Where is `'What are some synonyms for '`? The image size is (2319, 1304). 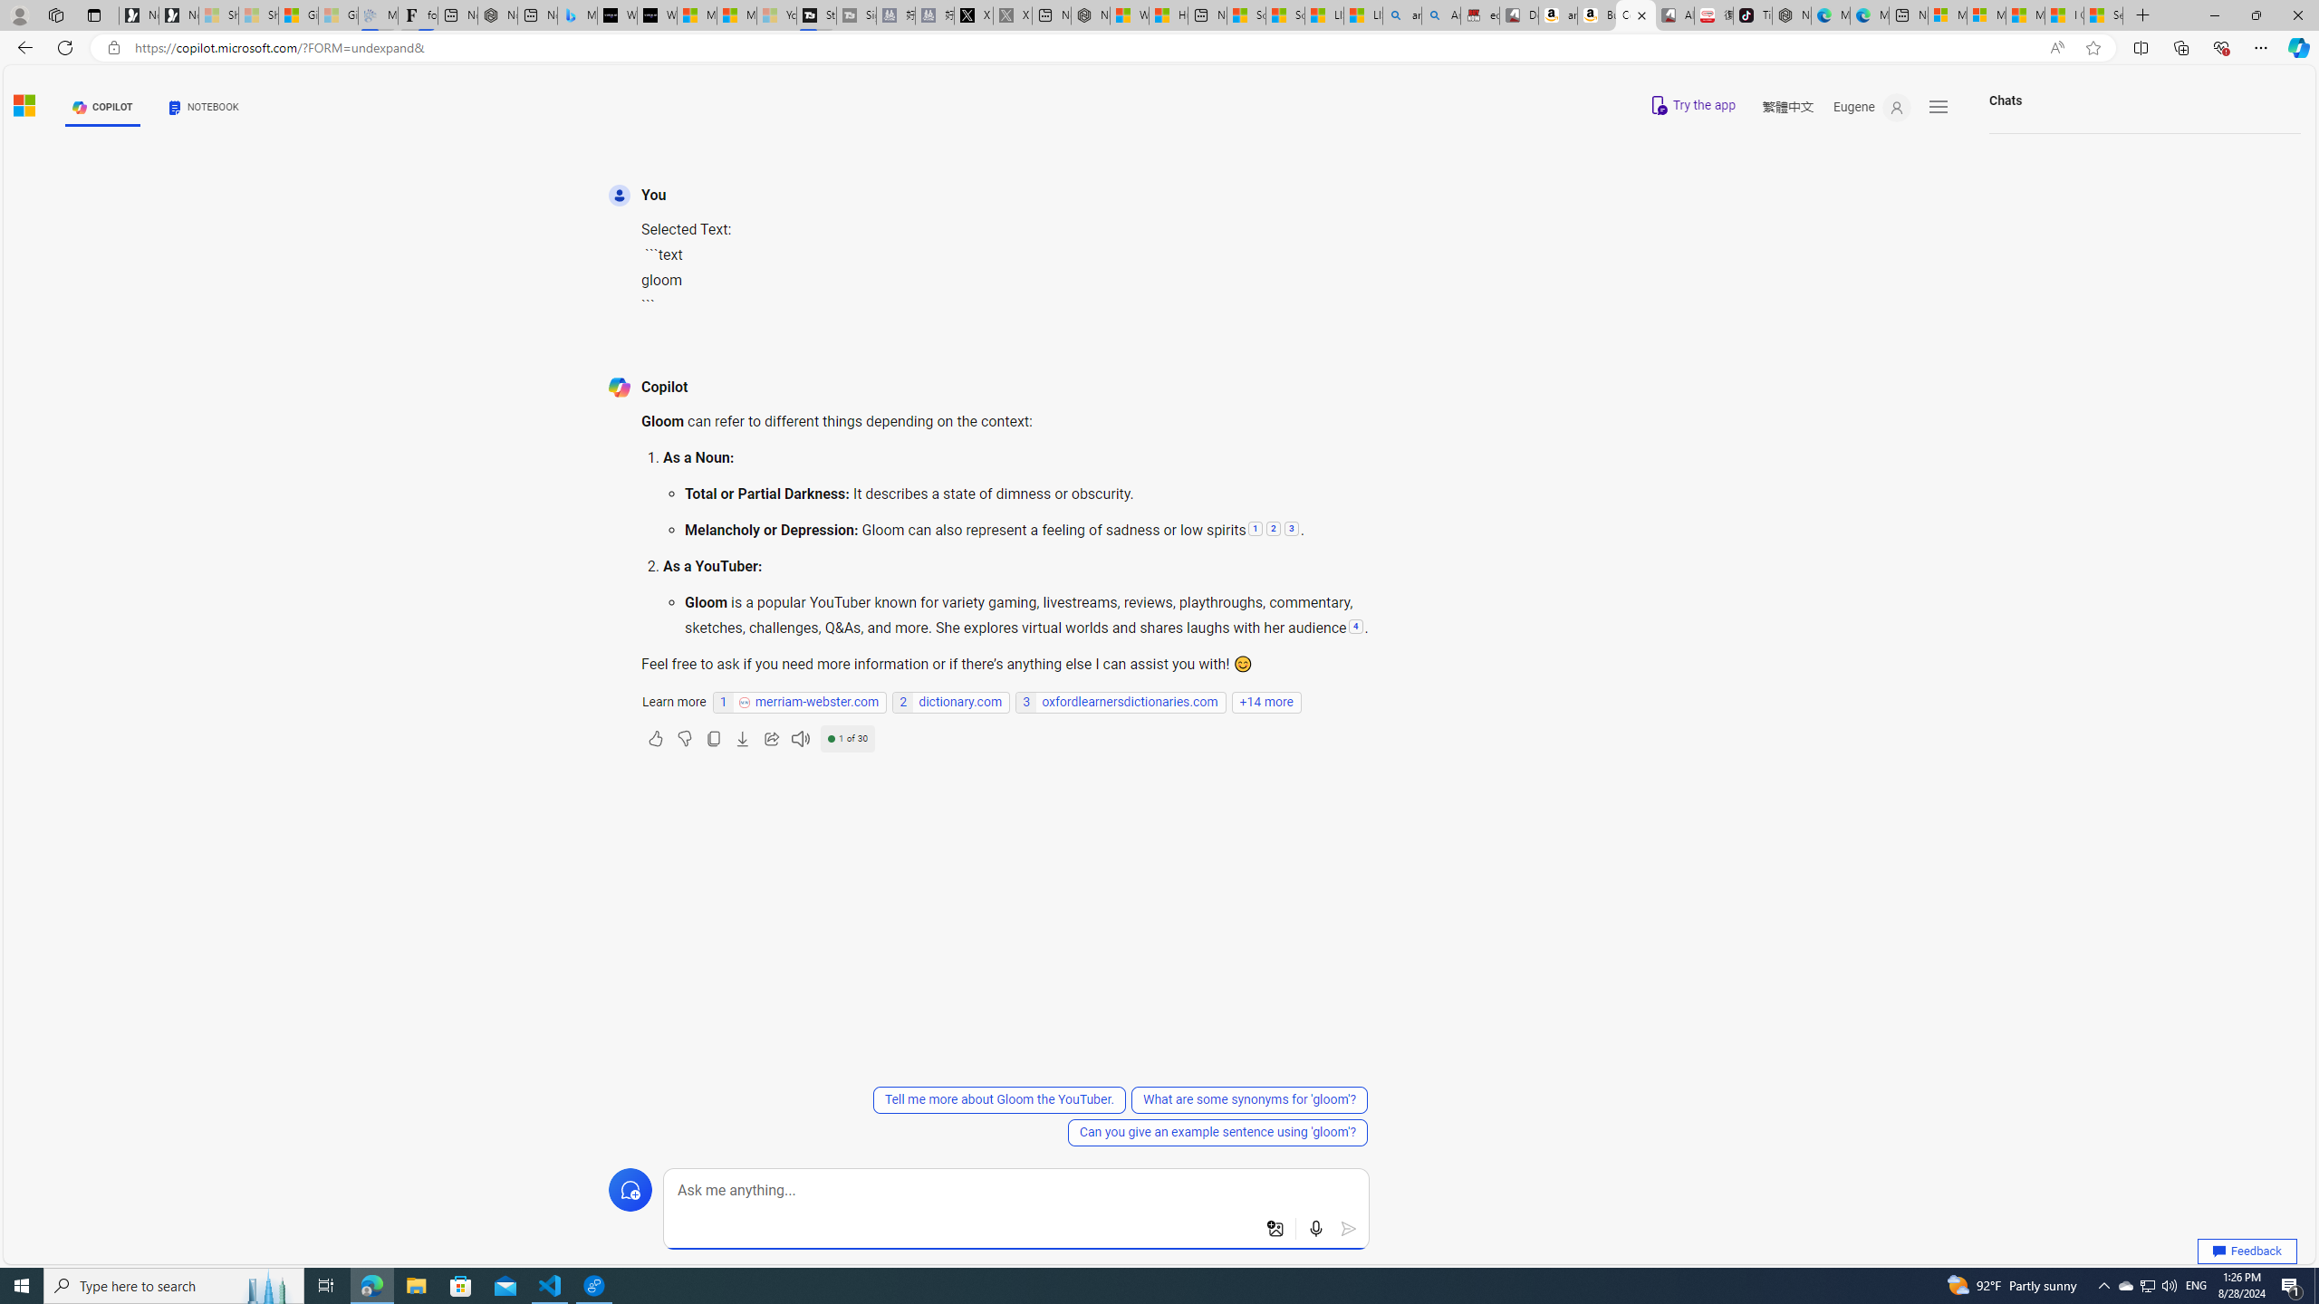
'What are some synonyms for ' is located at coordinates (1247, 1099).